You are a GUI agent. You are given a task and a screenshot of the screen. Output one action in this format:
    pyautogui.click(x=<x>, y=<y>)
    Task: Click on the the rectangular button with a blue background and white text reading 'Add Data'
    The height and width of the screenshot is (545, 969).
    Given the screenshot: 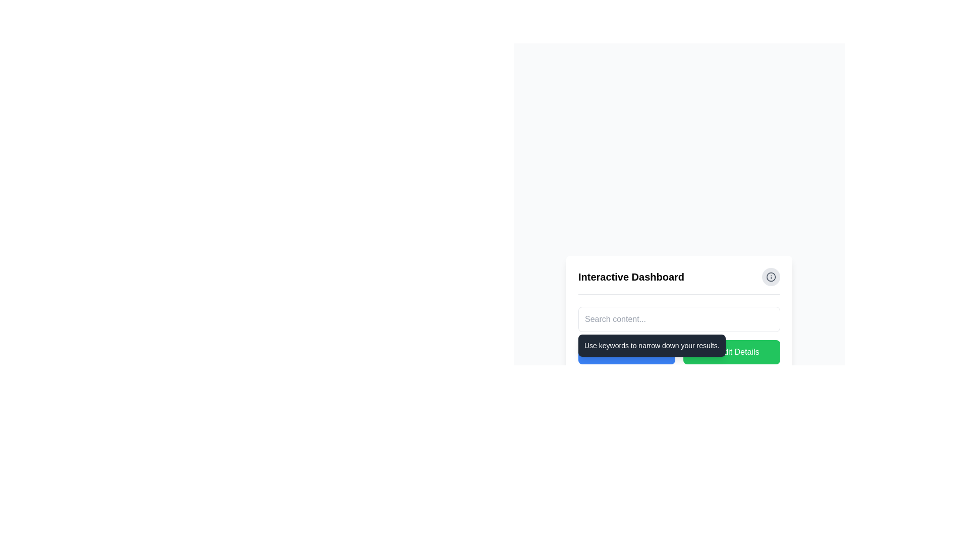 What is the action you would take?
    pyautogui.click(x=626, y=351)
    